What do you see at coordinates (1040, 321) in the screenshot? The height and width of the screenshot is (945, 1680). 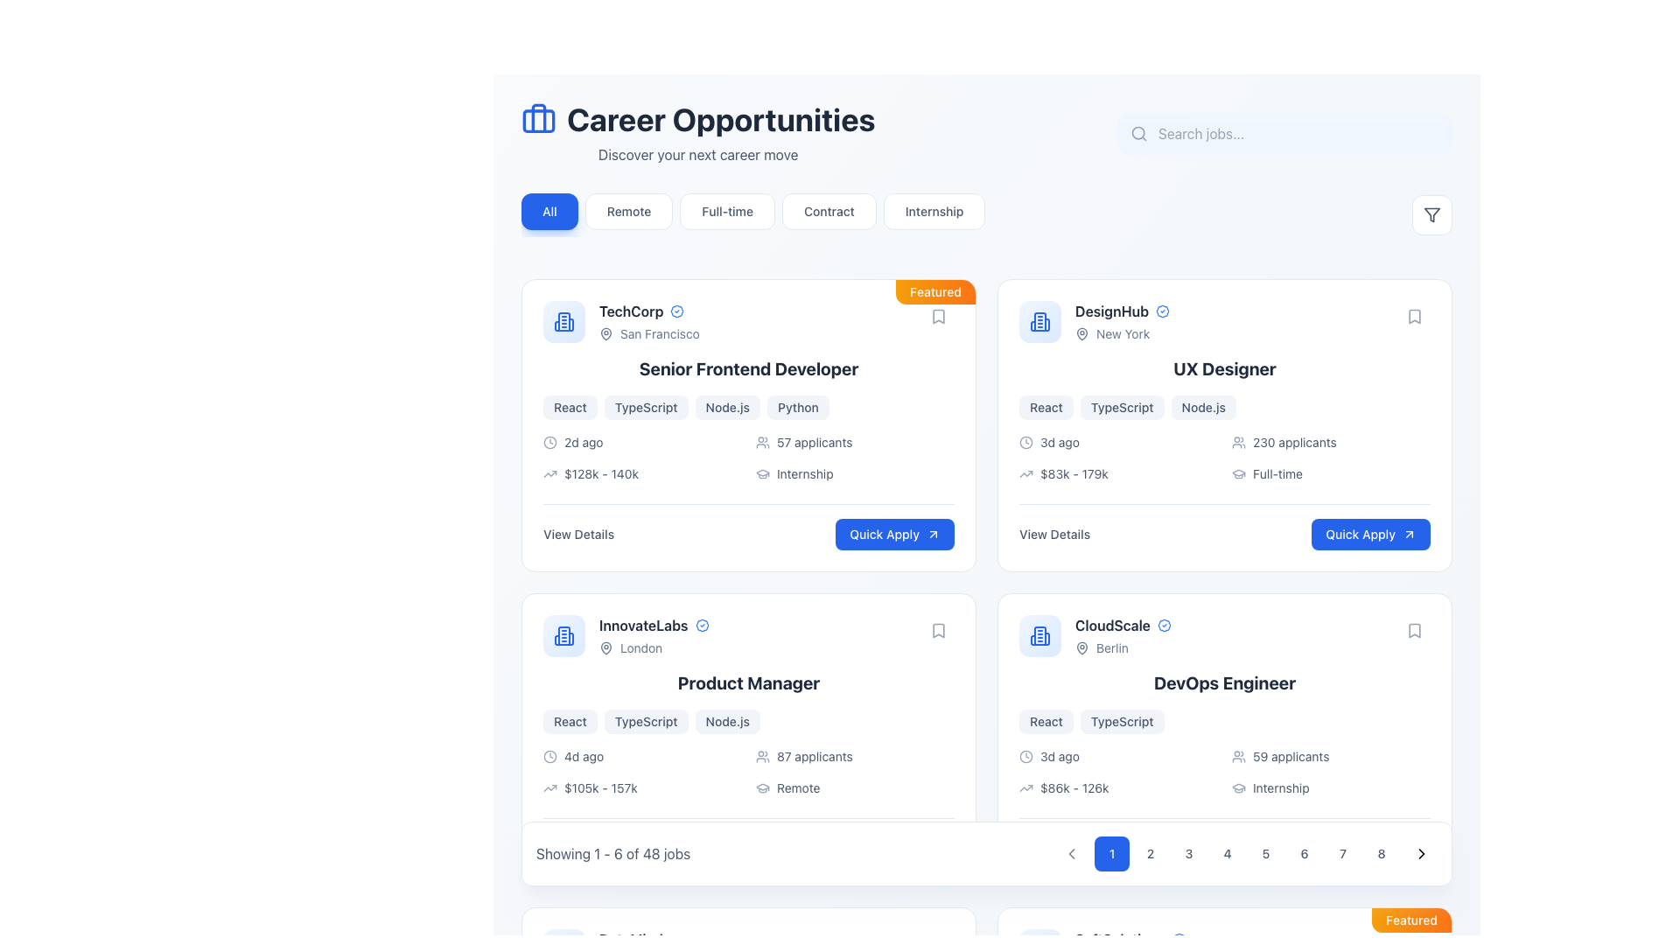 I see `the square-shaped icon with a gradient background and a building symbol representing 'DesignHub' located slightly left of the text 'DesignHub' and above 'New York'` at bounding box center [1040, 321].